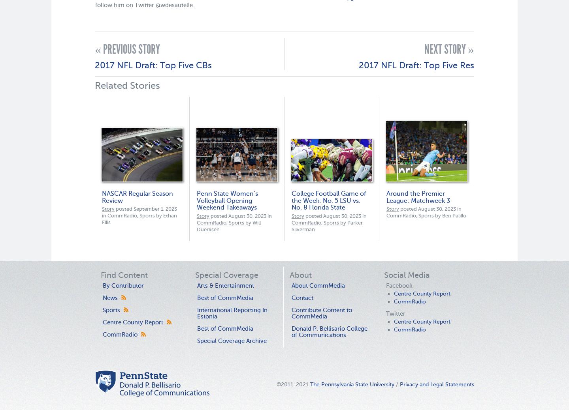  I want to click on '©2011-2021', so click(293, 384).